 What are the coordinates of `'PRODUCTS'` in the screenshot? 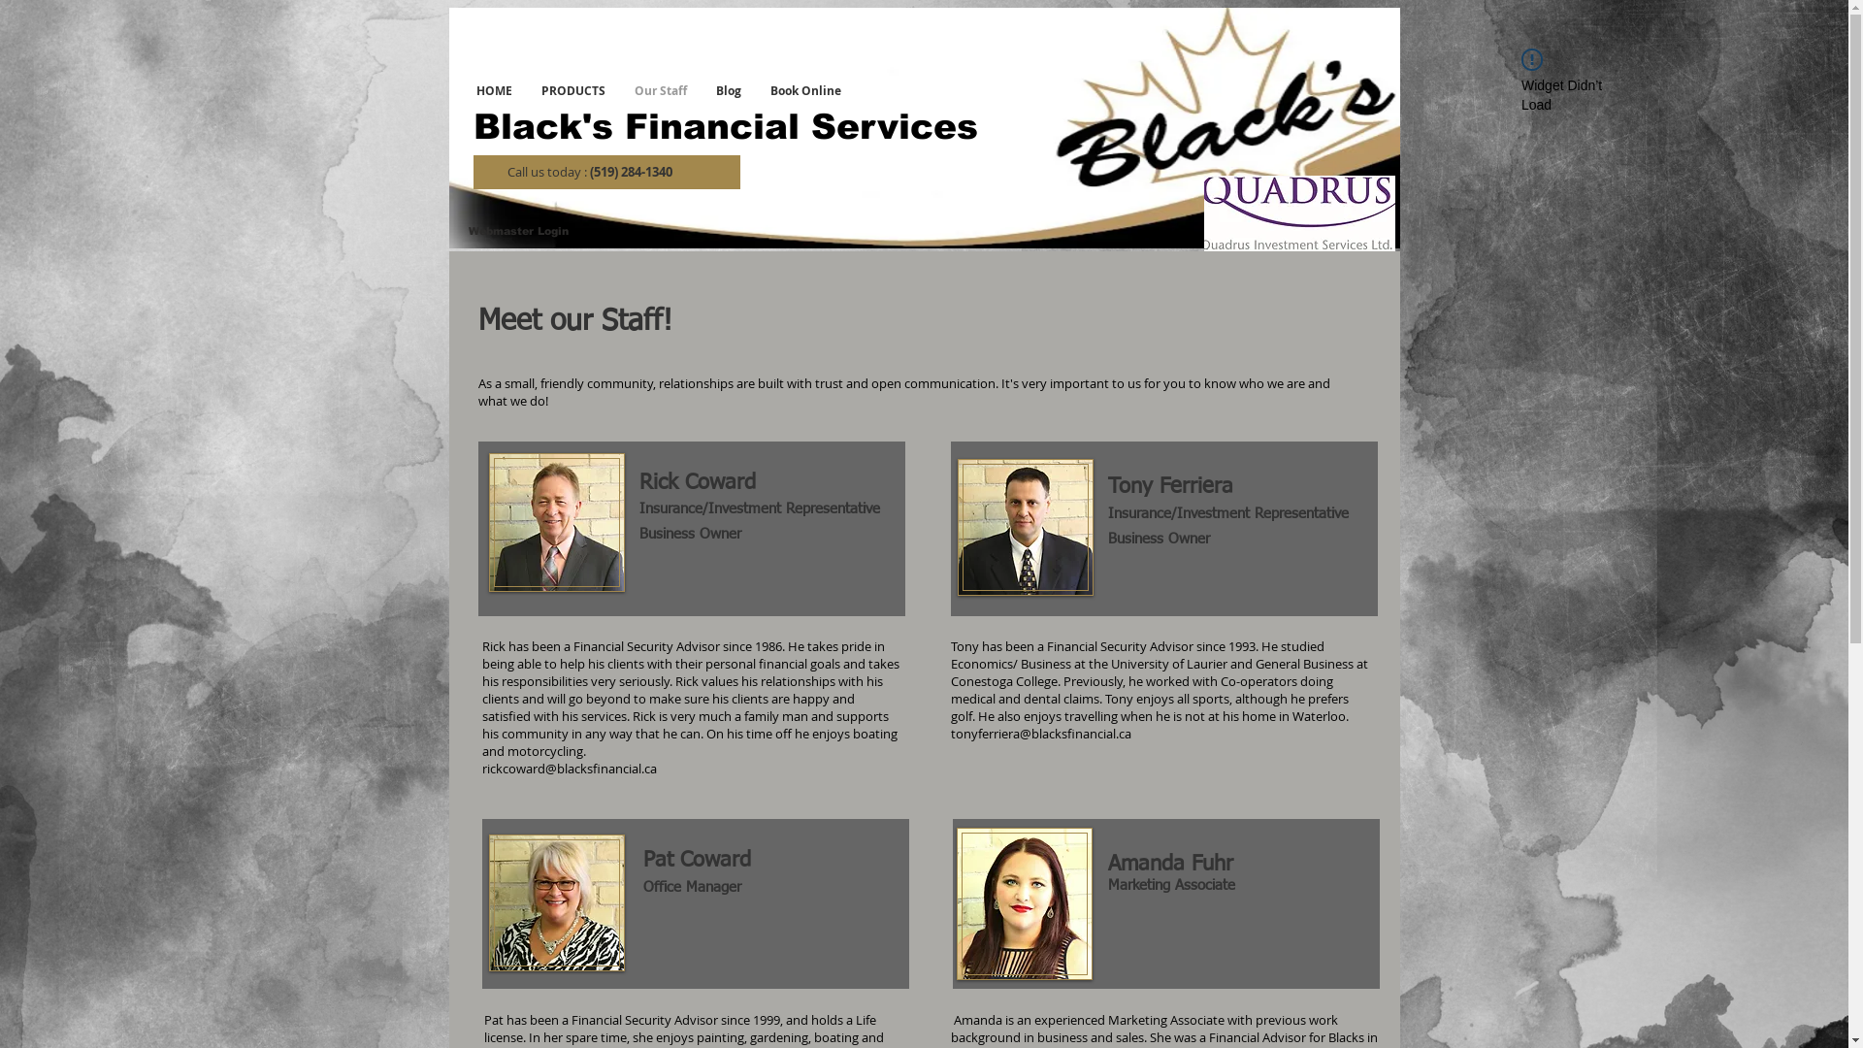 It's located at (526, 90).